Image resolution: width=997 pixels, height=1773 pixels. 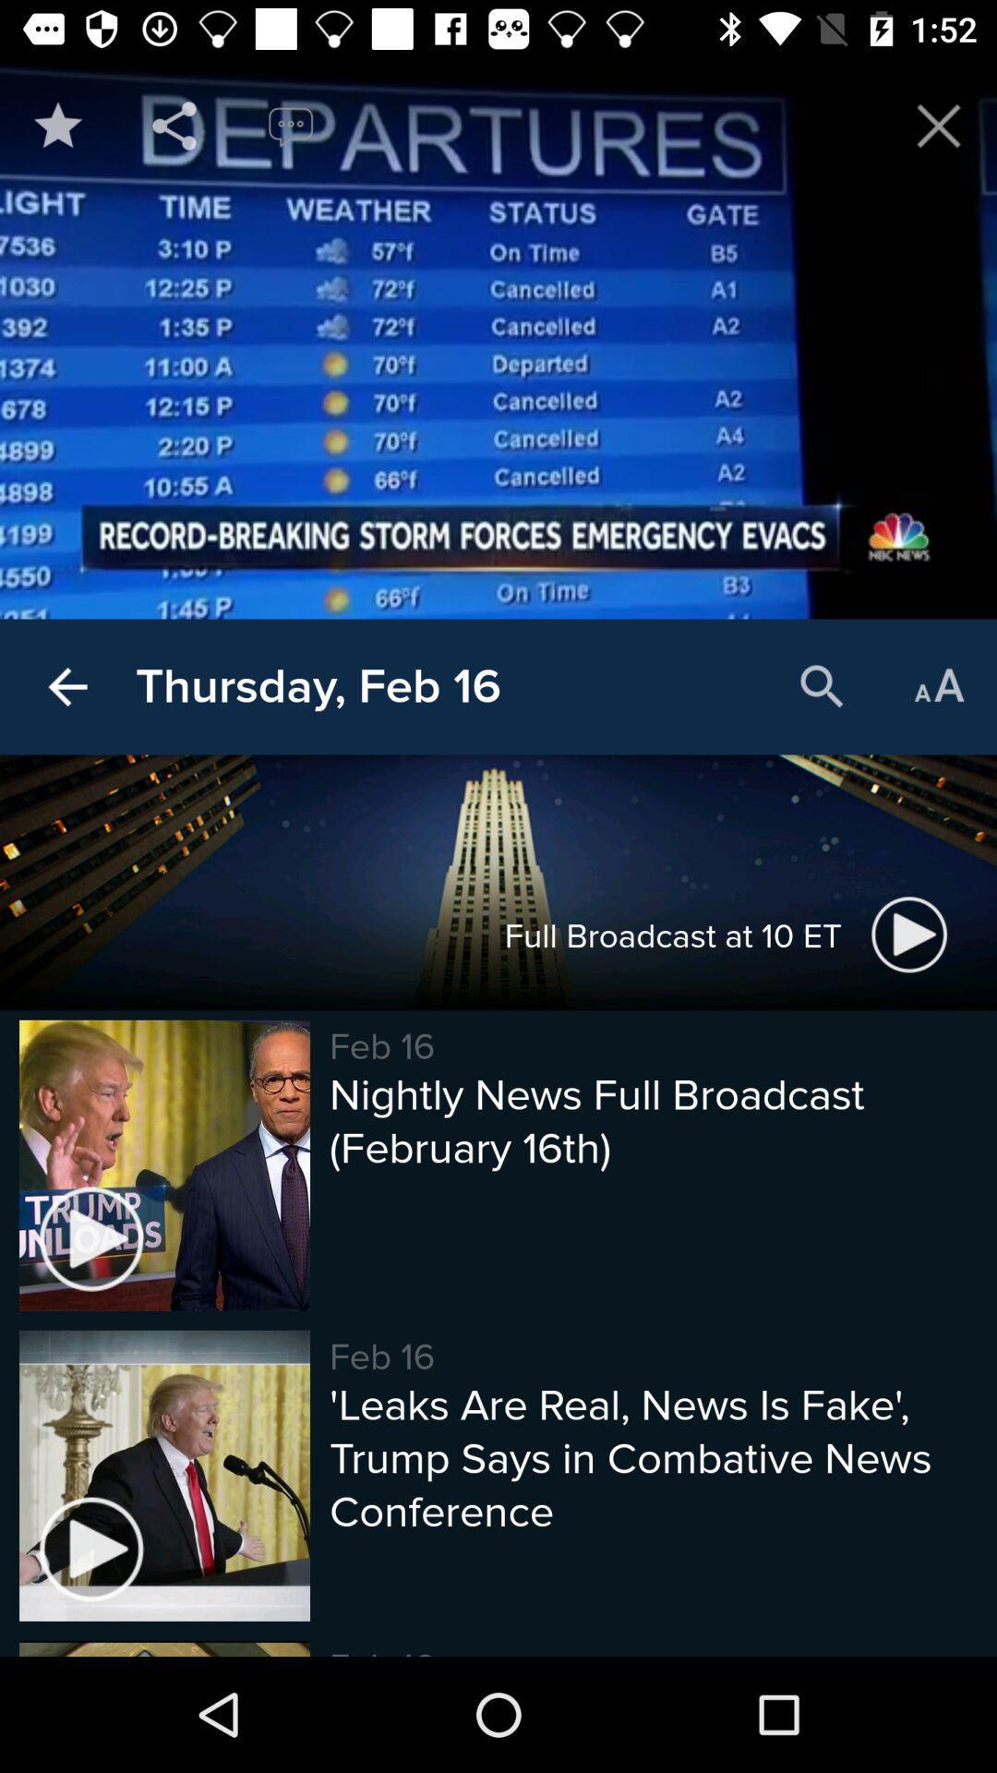 I want to click on the first play button on the web page, so click(x=909, y=935).